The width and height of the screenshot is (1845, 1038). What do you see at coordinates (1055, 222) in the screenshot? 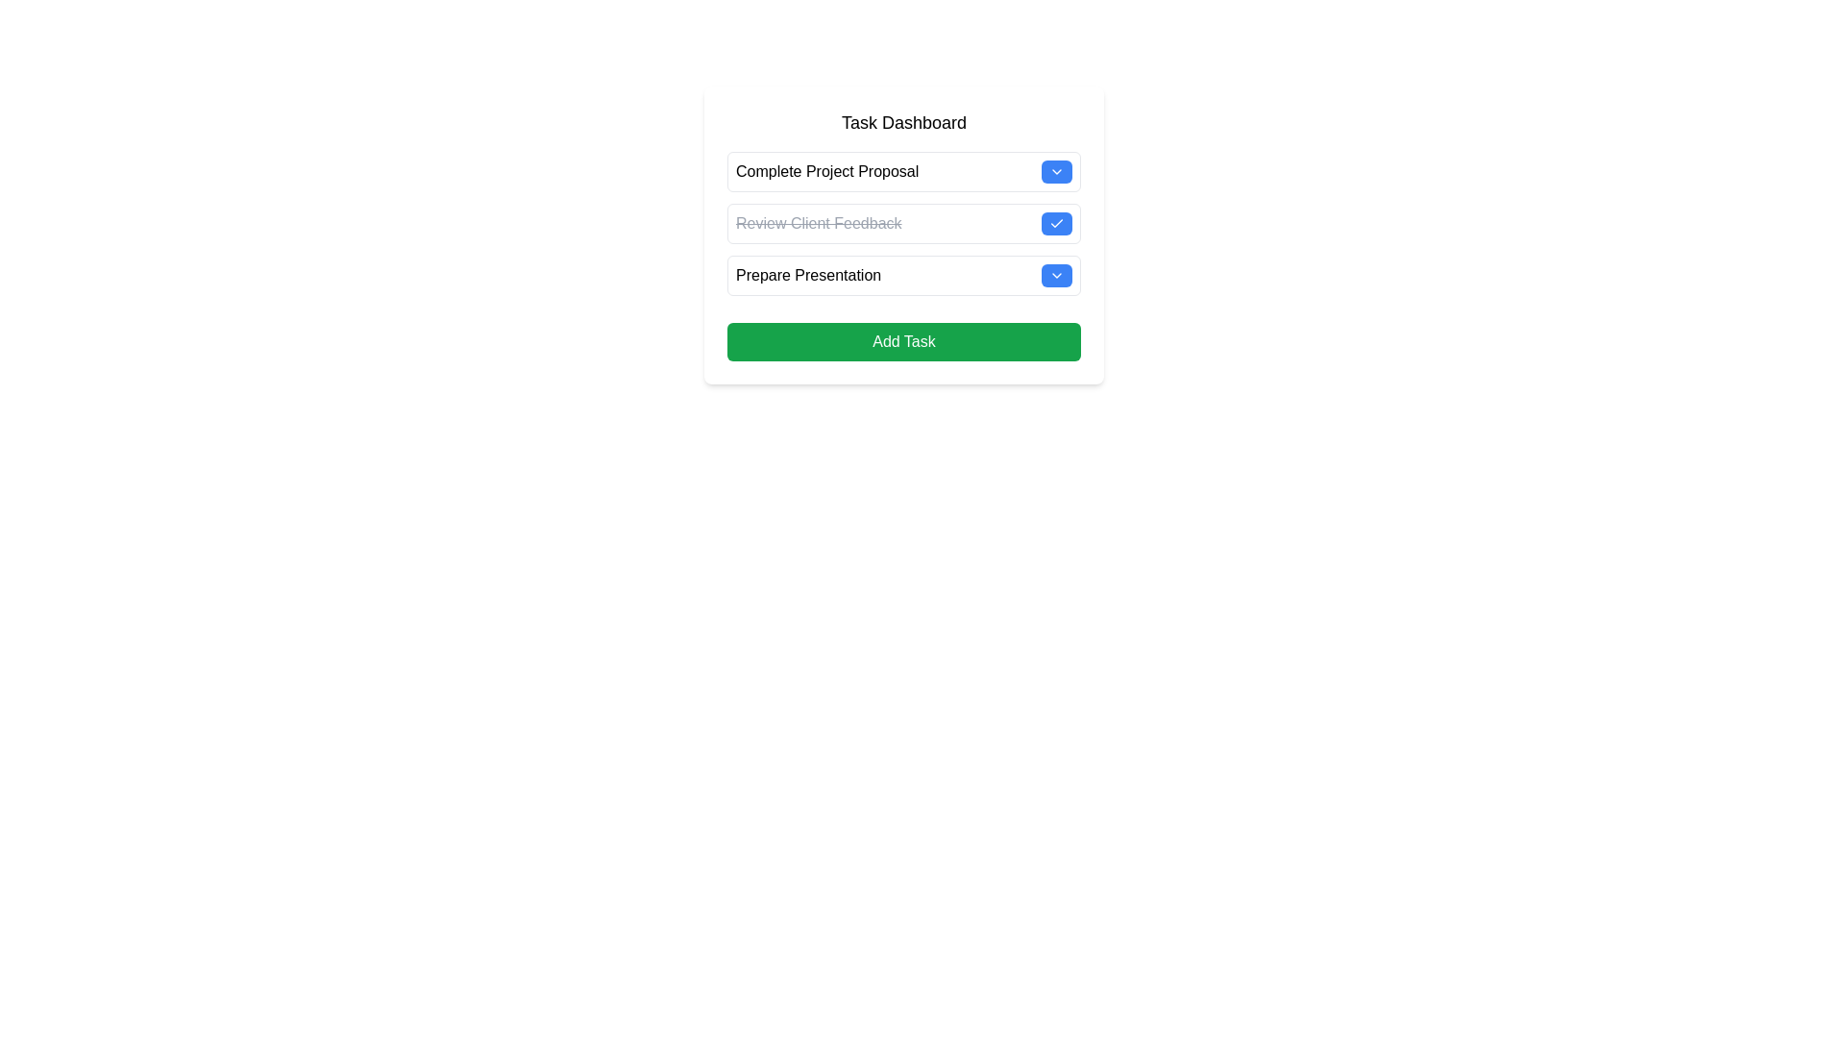
I see `the completion indicator button for the 'Review Client Feedback' task to mark it as complete` at bounding box center [1055, 222].